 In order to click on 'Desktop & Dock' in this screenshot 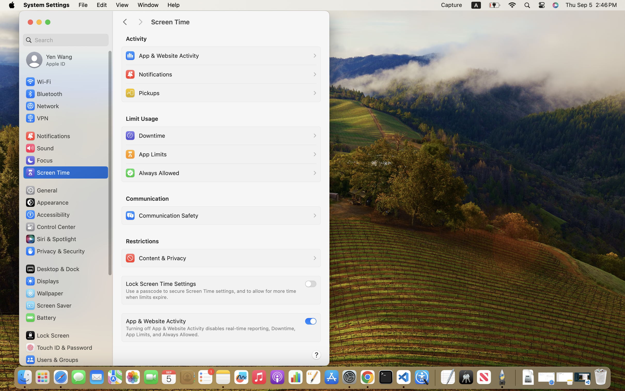, I will do `click(52, 269)`.